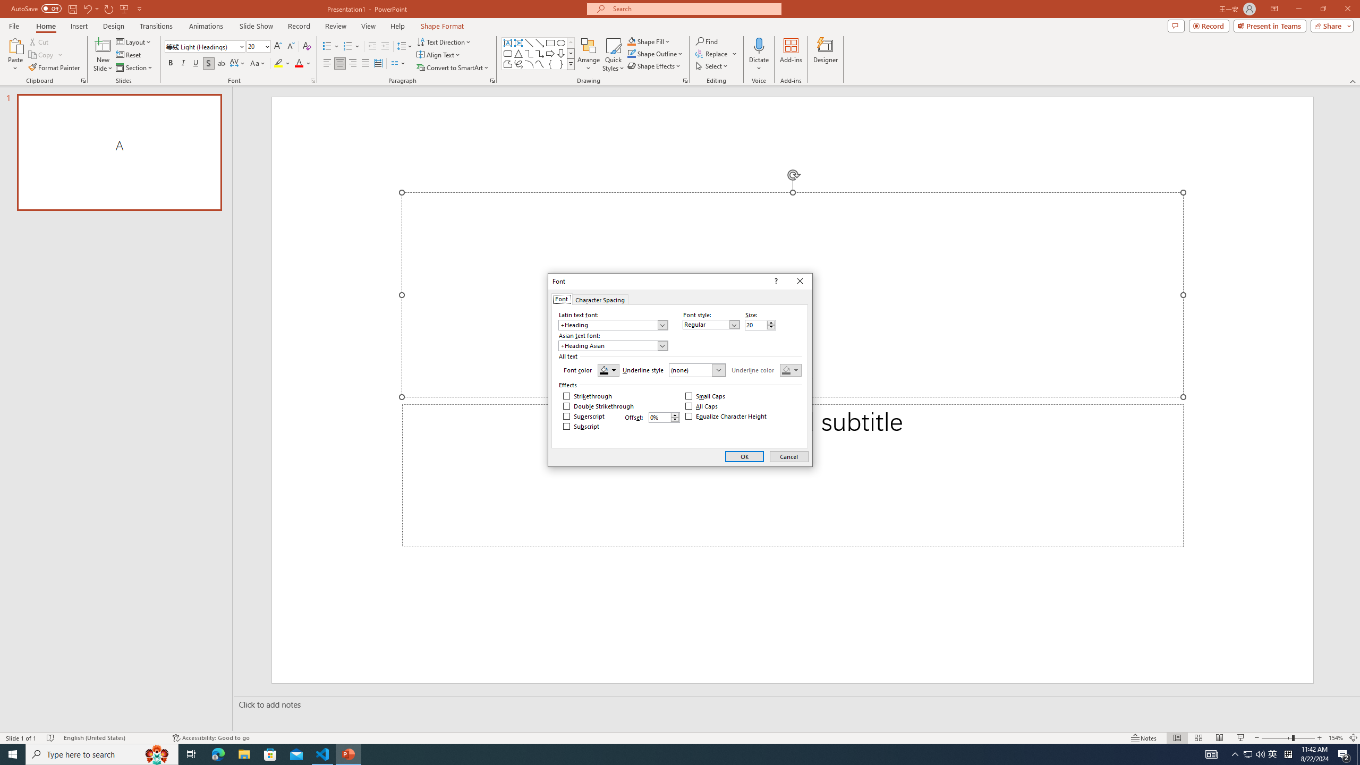 The height and width of the screenshot is (765, 1360). I want to click on 'Show desktop', so click(1358, 753).